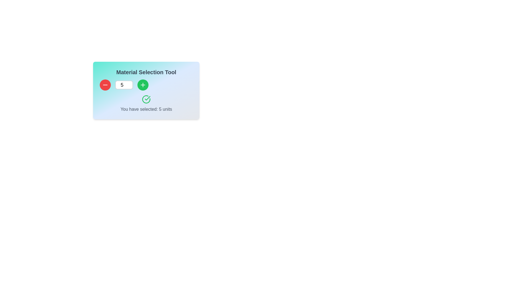 This screenshot has height=299, width=532. Describe the element at coordinates (146, 99) in the screenshot. I see `the checkmark icon that indicates a successful selection state in the material selection tool, located above the text 'You have selected: 5 units'` at that location.